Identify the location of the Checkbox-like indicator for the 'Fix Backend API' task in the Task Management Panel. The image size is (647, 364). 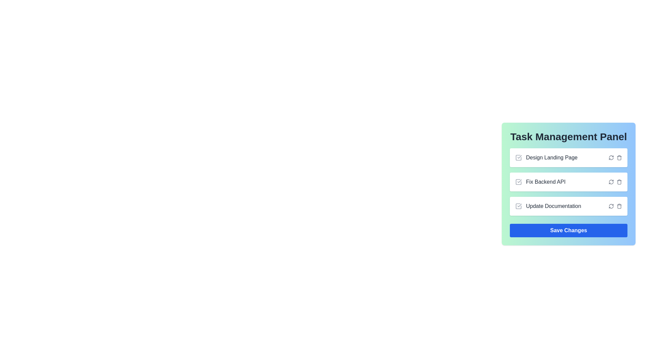
(518, 182).